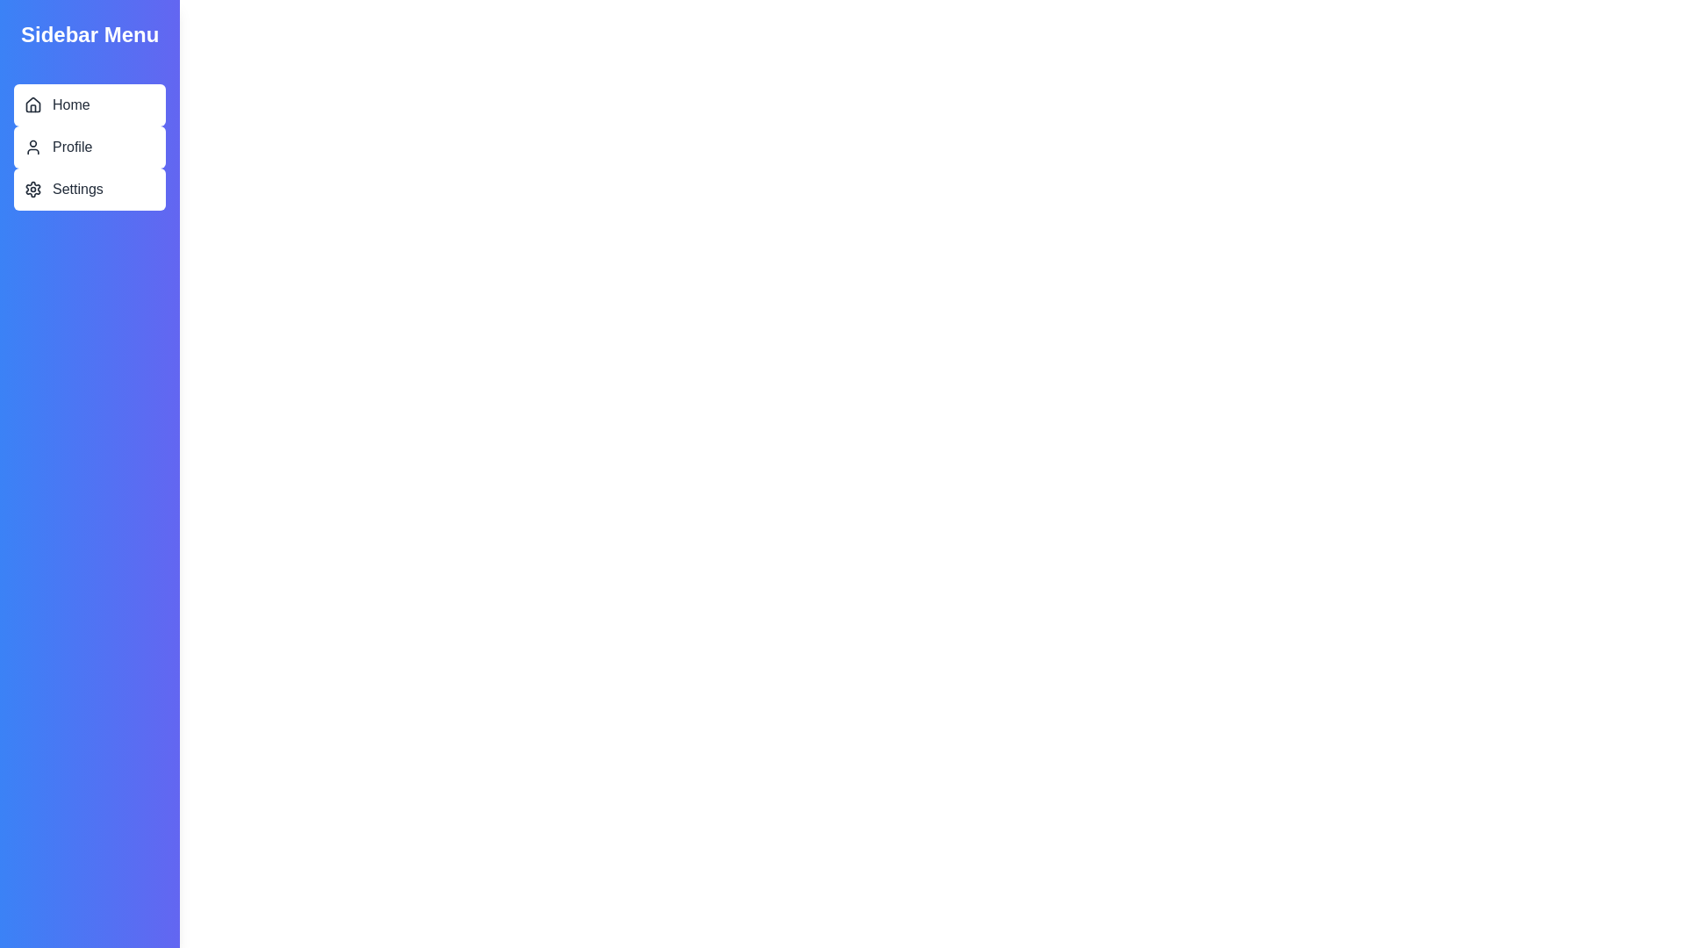 Image resolution: width=1685 pixels, height=948 pixels. What do you see at coordinates (89, 147) in the screenshot?
I see `the 'Profile' button, which is the second item in the vertical list of menu options in the sidebar` at bounding box center [89, 147].